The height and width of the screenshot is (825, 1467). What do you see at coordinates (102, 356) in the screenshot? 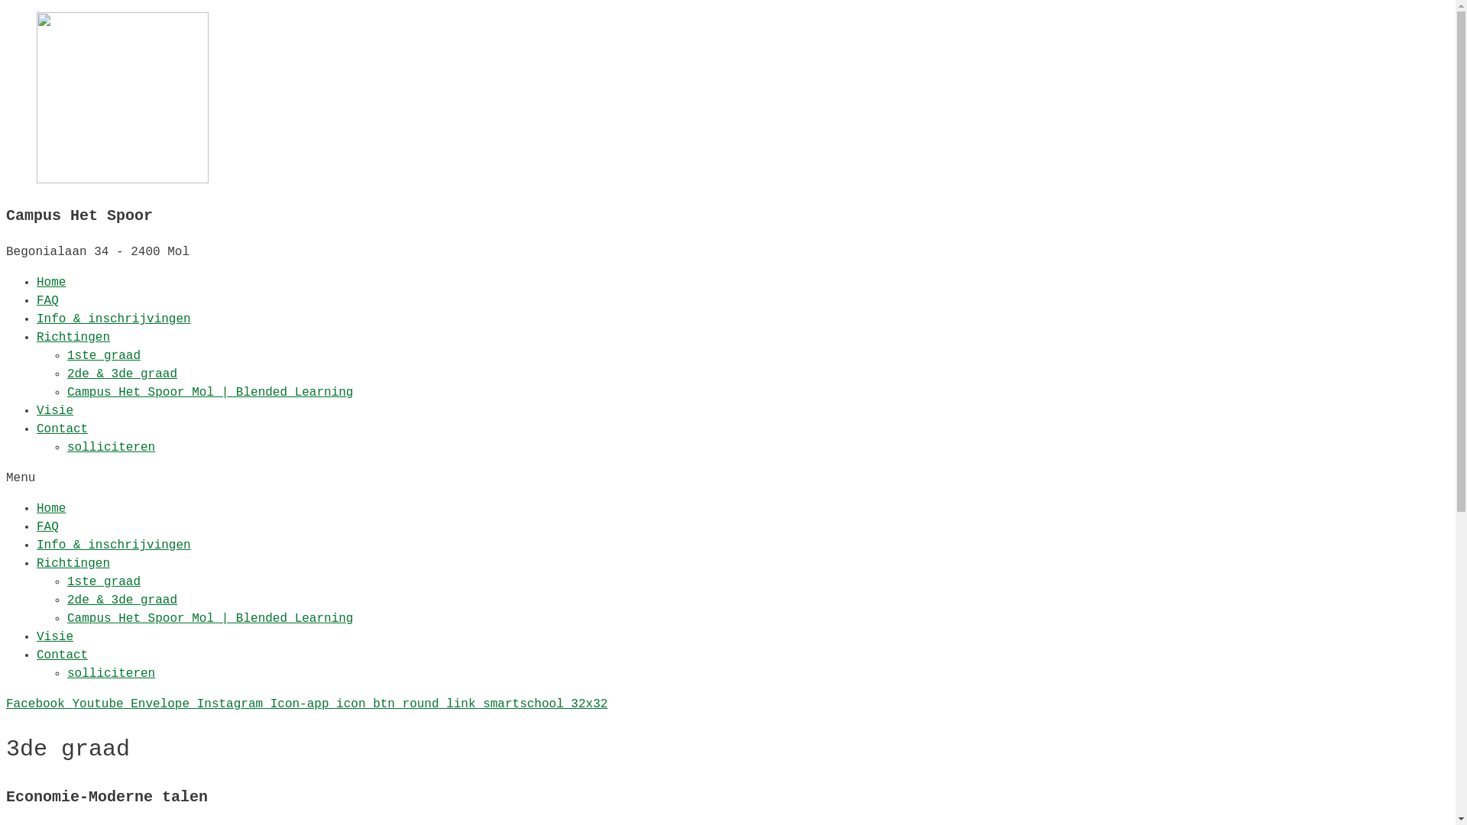
I see `'1ste graad'` at bounding box center [102, 356].